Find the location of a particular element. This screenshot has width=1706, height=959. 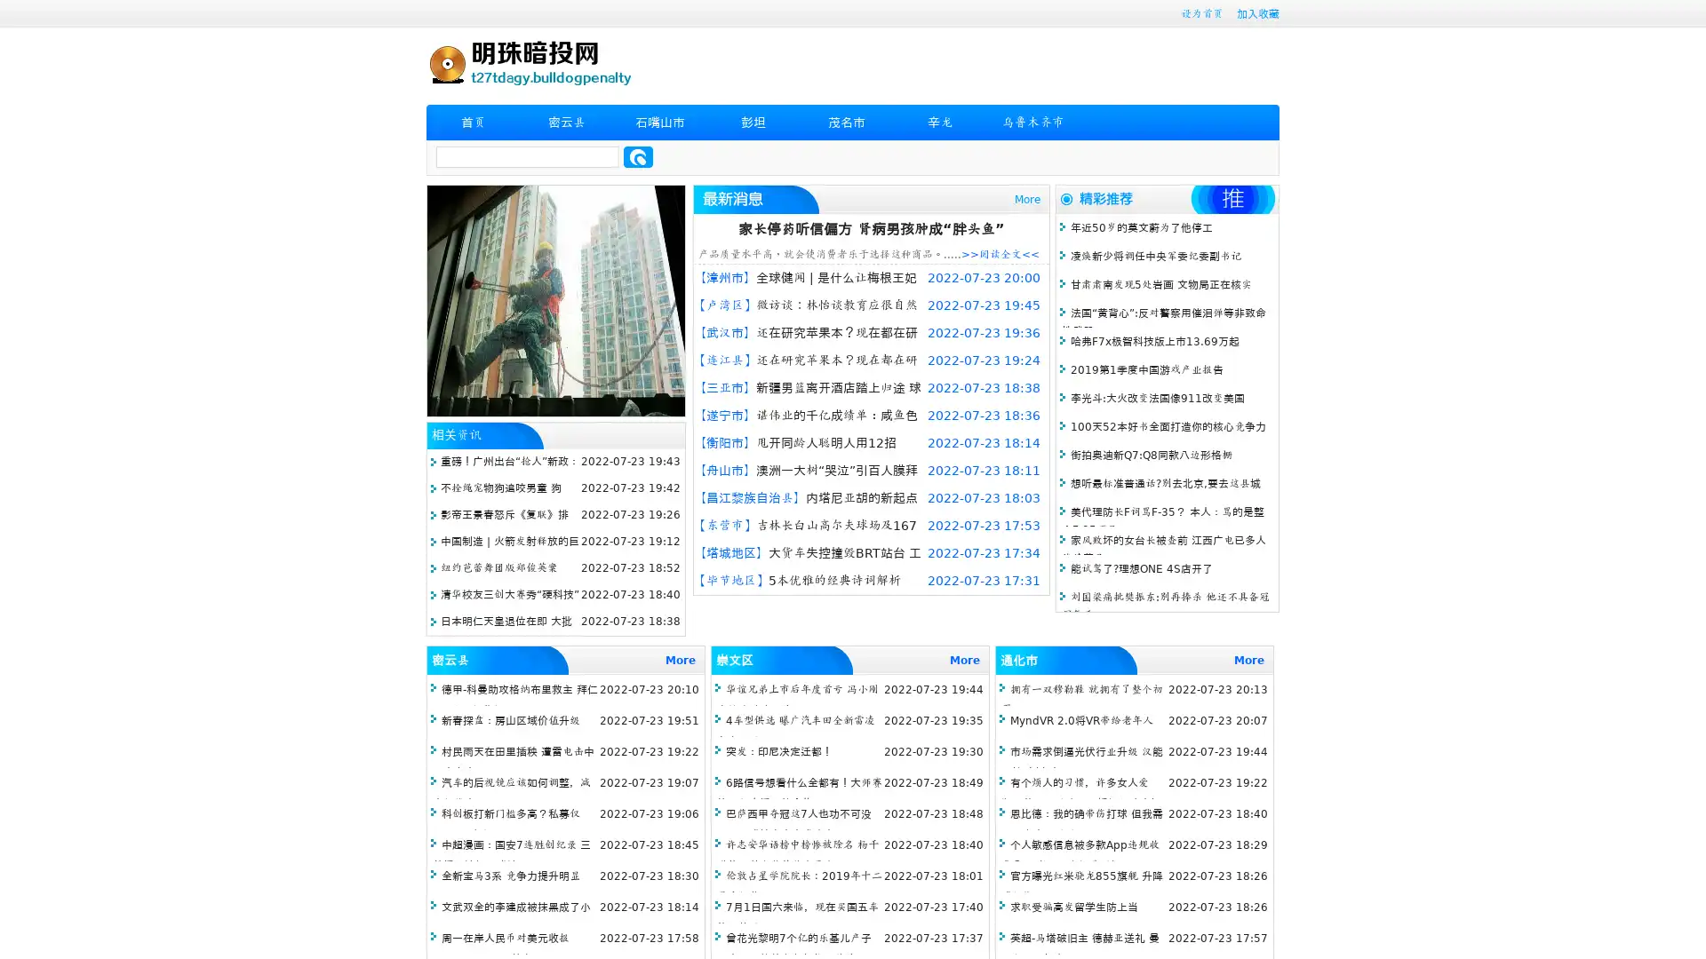

Search is located at coordinates (638, 156).